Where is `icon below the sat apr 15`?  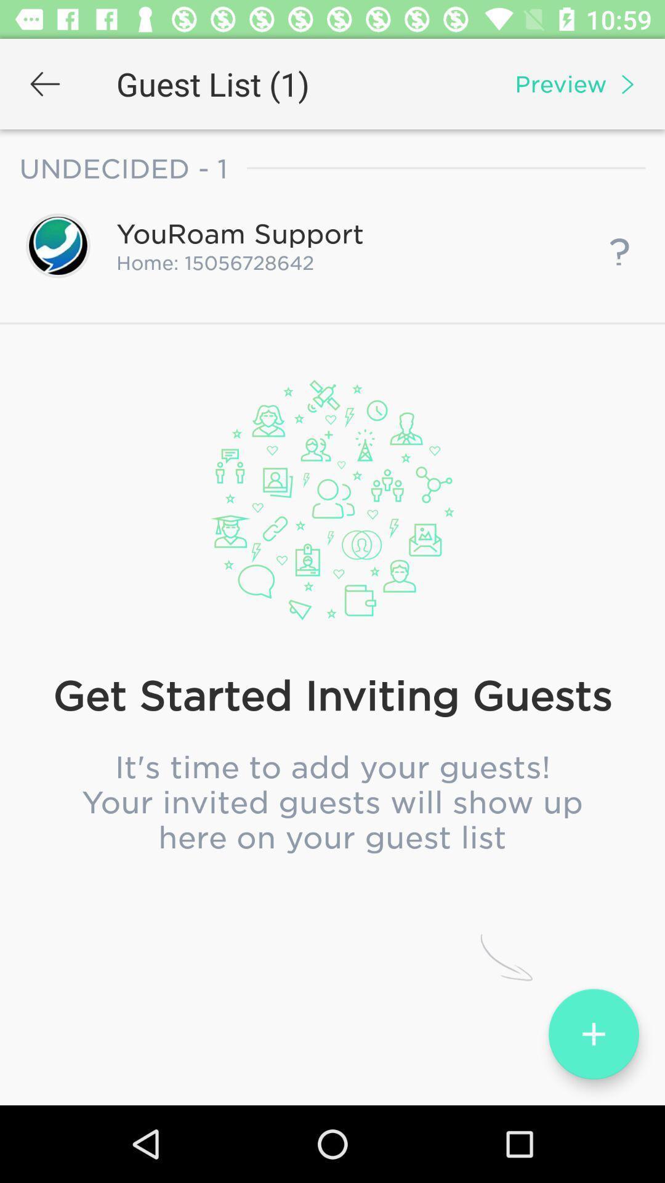 icon below the sat apr 15 is located at coordinates (332, 575).